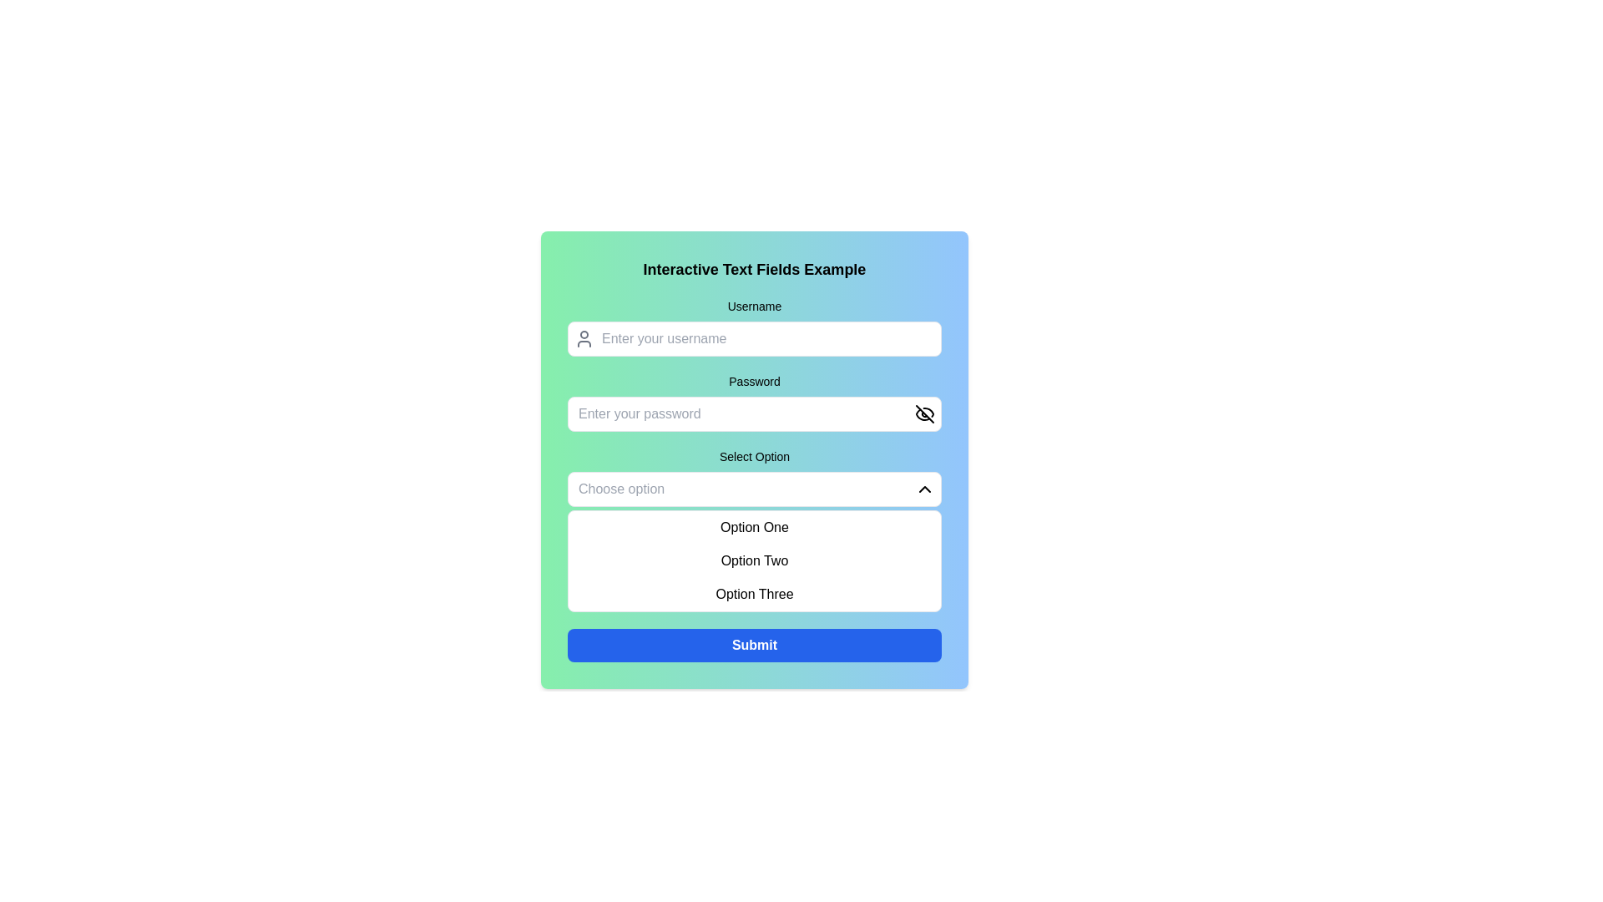 Image resolution: width=1603 pixels, height=902 pixels. Describe the element at coordinates (924, 413) in the screenshot. I see `the eye-off icon button located to the right of the password input field` at that location.